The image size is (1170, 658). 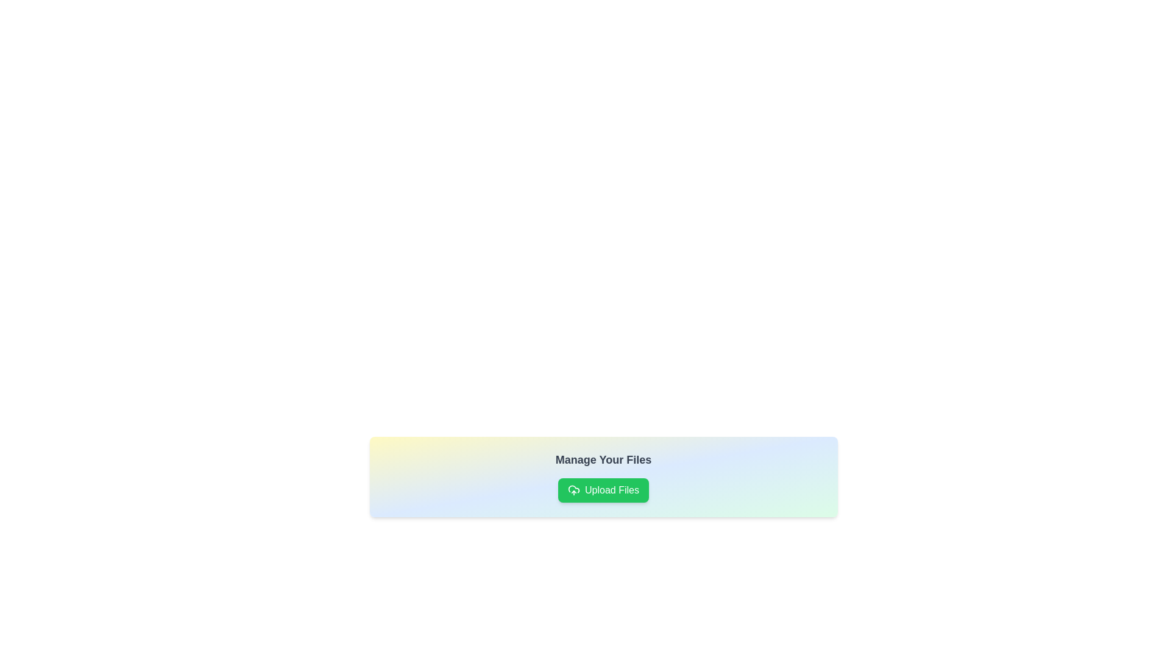 What do you see at coordinates (603, 490) in the screenshot?
I see `the bright green 'Upload Files' button with rounded corners` at bounding box center [603, 490].